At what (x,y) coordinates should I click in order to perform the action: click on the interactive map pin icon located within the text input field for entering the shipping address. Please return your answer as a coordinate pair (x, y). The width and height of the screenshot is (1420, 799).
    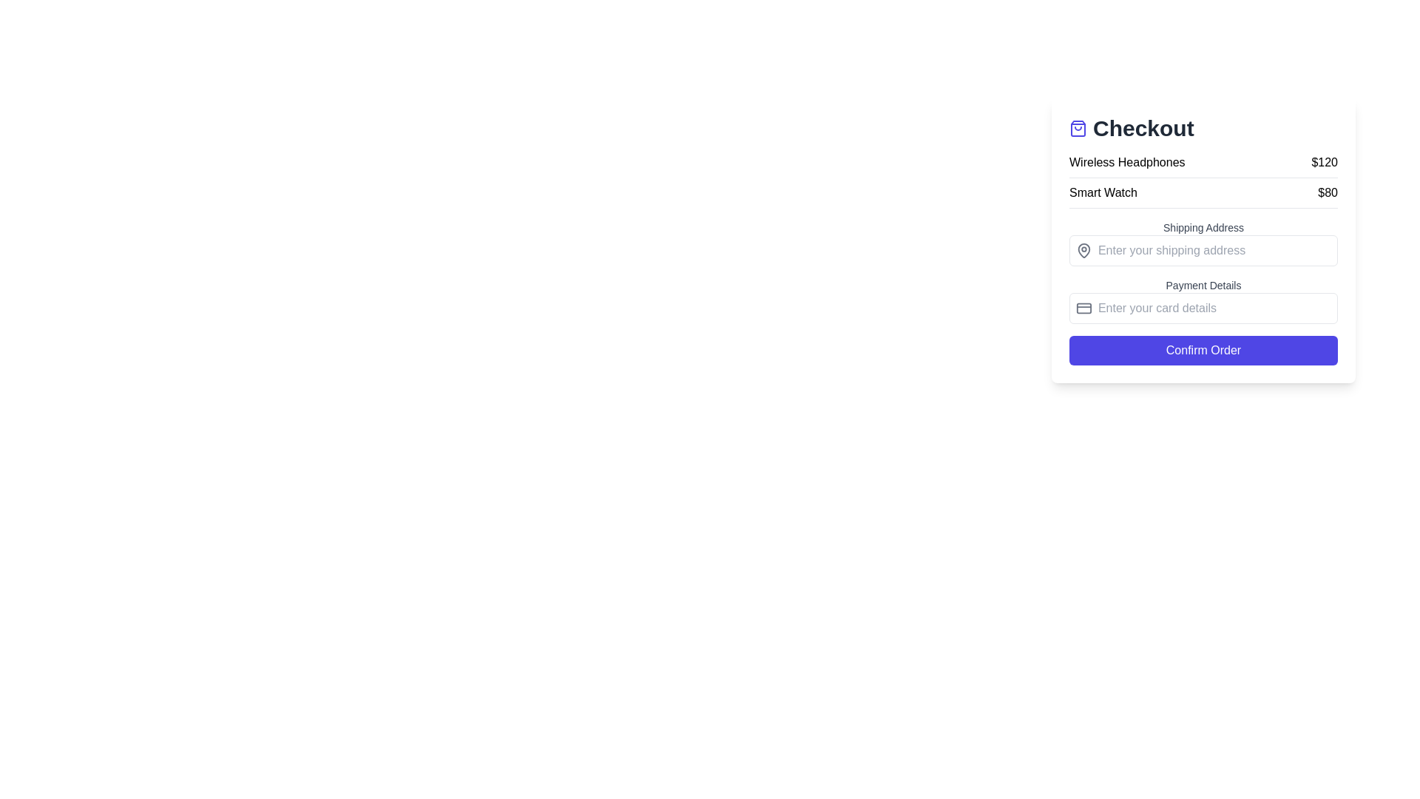
    Looking at the image, I should click on (1203, 250).